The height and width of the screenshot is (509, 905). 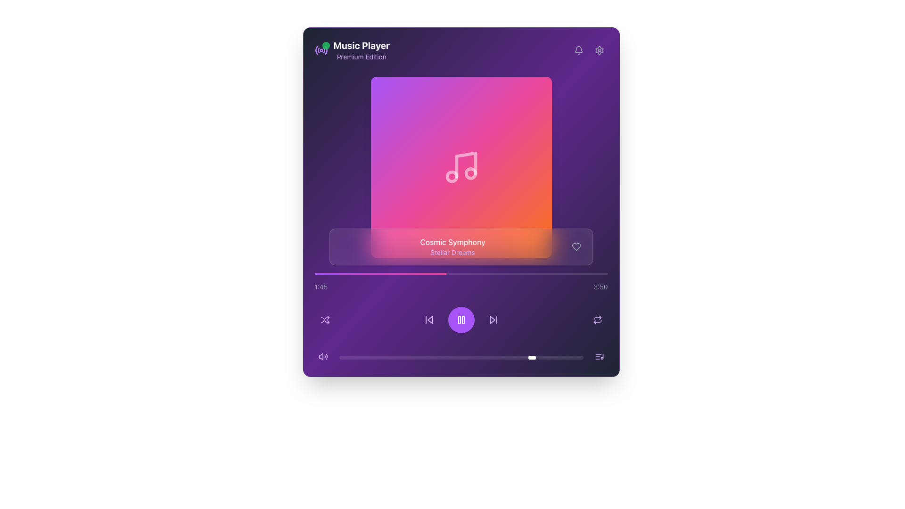 What do you see at coordinates (461, 274) in the screenshot?
I see `the Progress bar, which visually indicates the current playback position in the audio track and is located centrally below the album information and above the playback controls` at bounding box center [461, 274].